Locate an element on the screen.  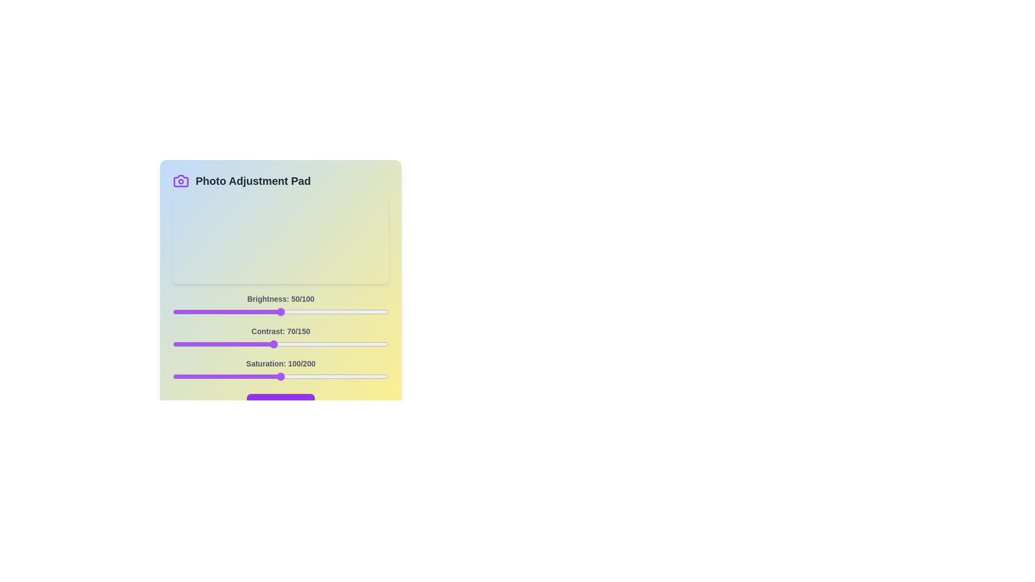
the 1 slider to 56 is located at coordinates (253, 344).